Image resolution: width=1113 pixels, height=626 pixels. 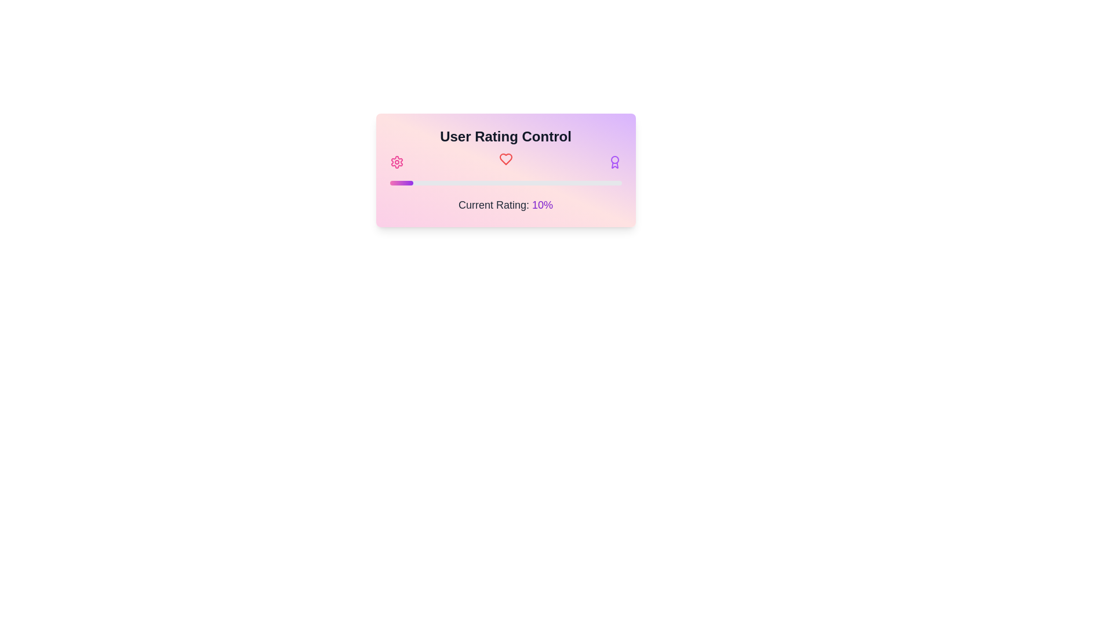 What do you see at coordinates (587, 162) in the screenshot?
I see `the rating value` at bounding box center [587, 162].